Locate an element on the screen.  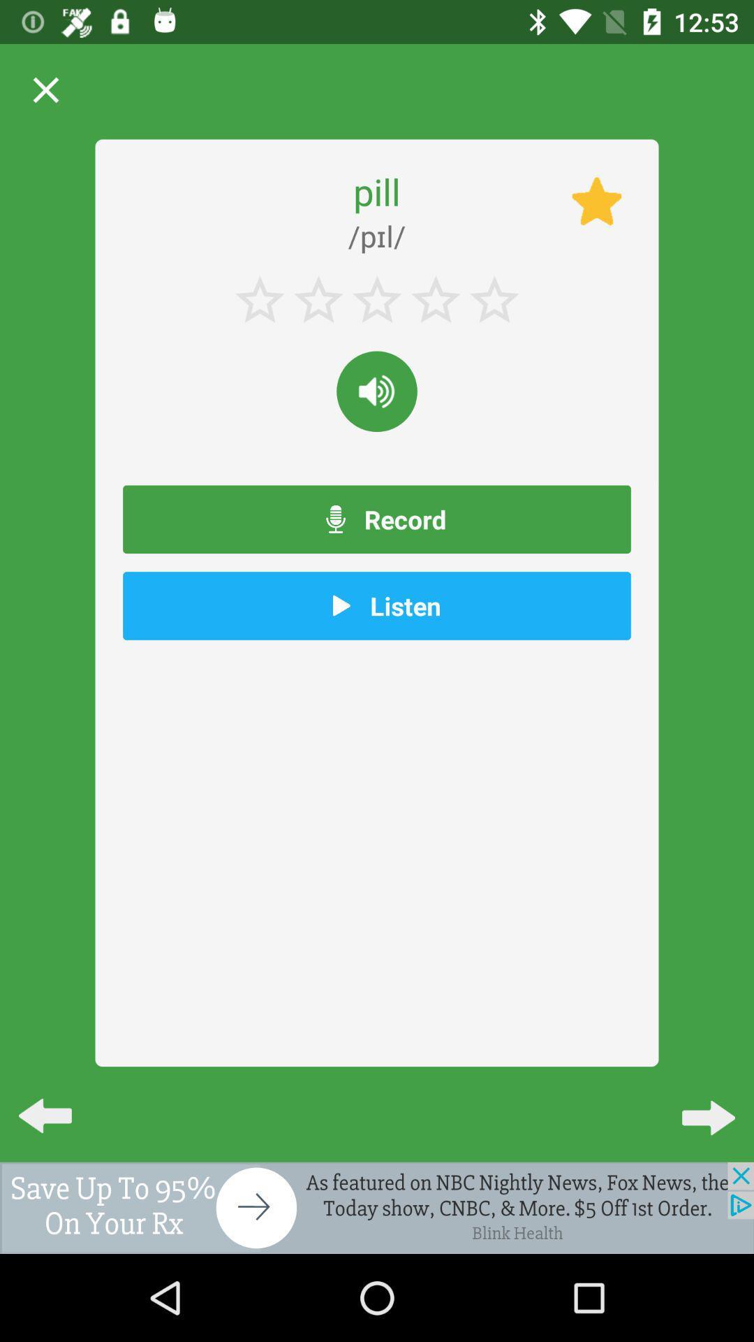
to adjust the volume is located at coordinates (377, 391).